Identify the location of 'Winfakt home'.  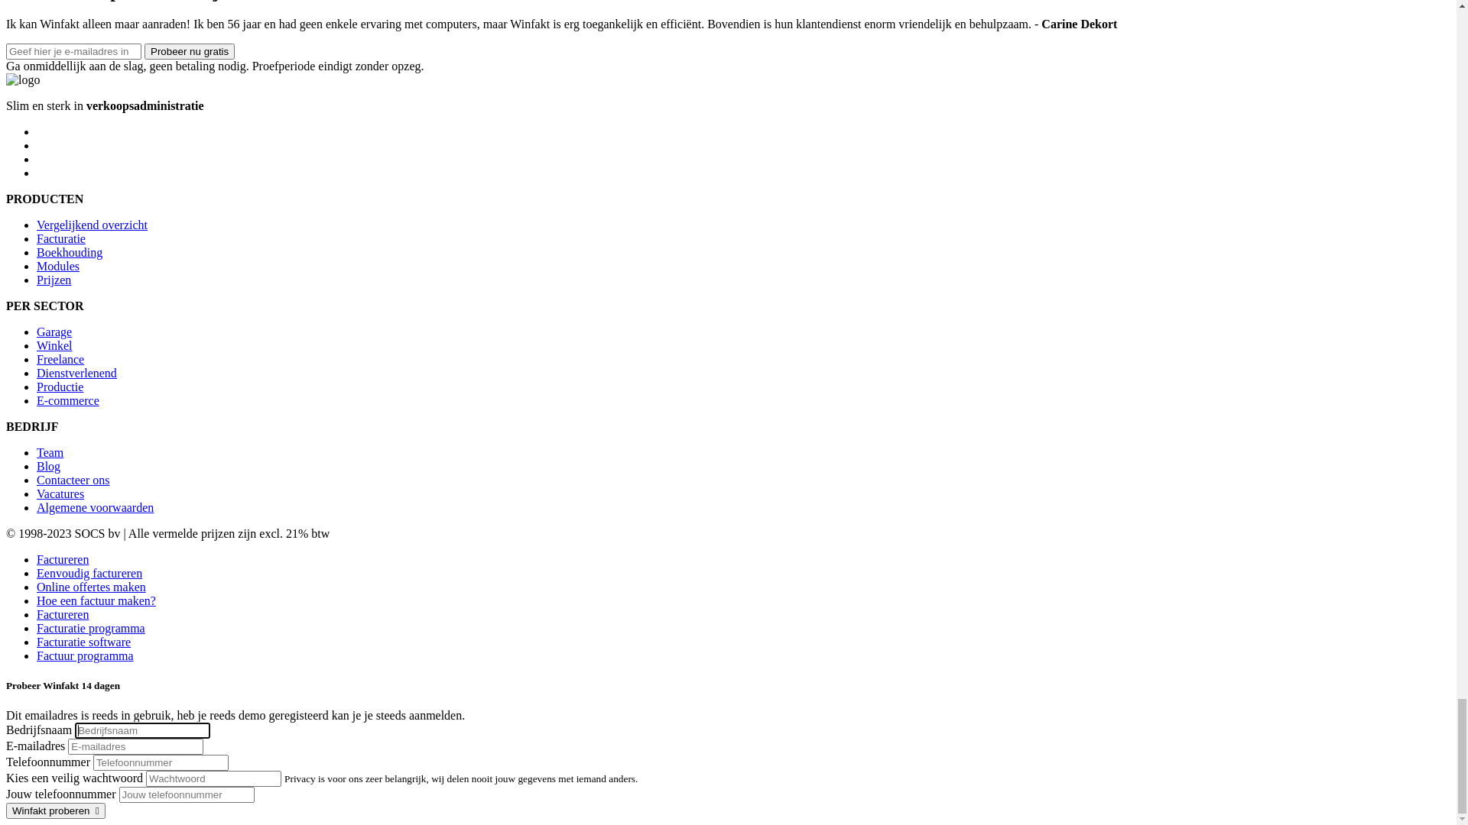
(44, 99).